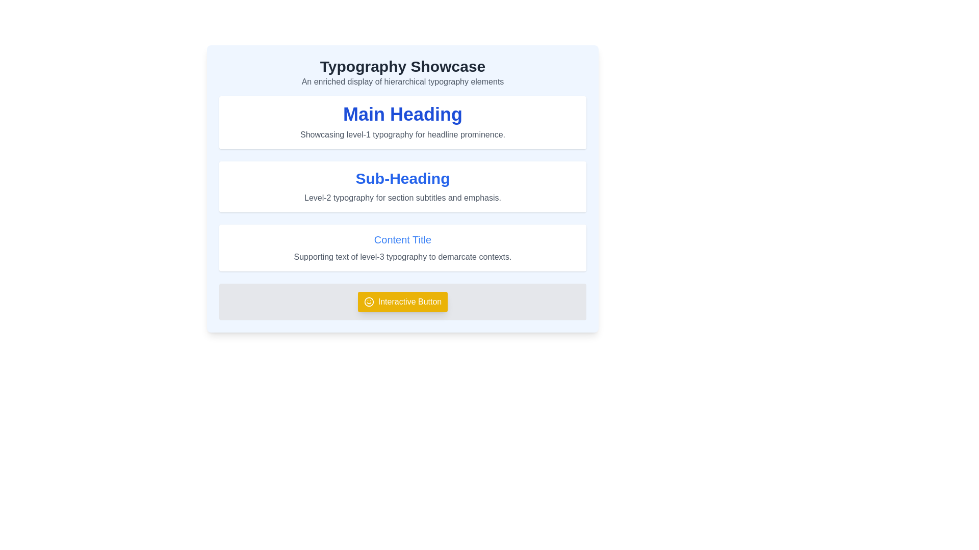 The image size is (979, 550). I want to click on the visual feedback of the smiley icon located within the 'Interactive Button' to the left of its text label, so click(368, 301).